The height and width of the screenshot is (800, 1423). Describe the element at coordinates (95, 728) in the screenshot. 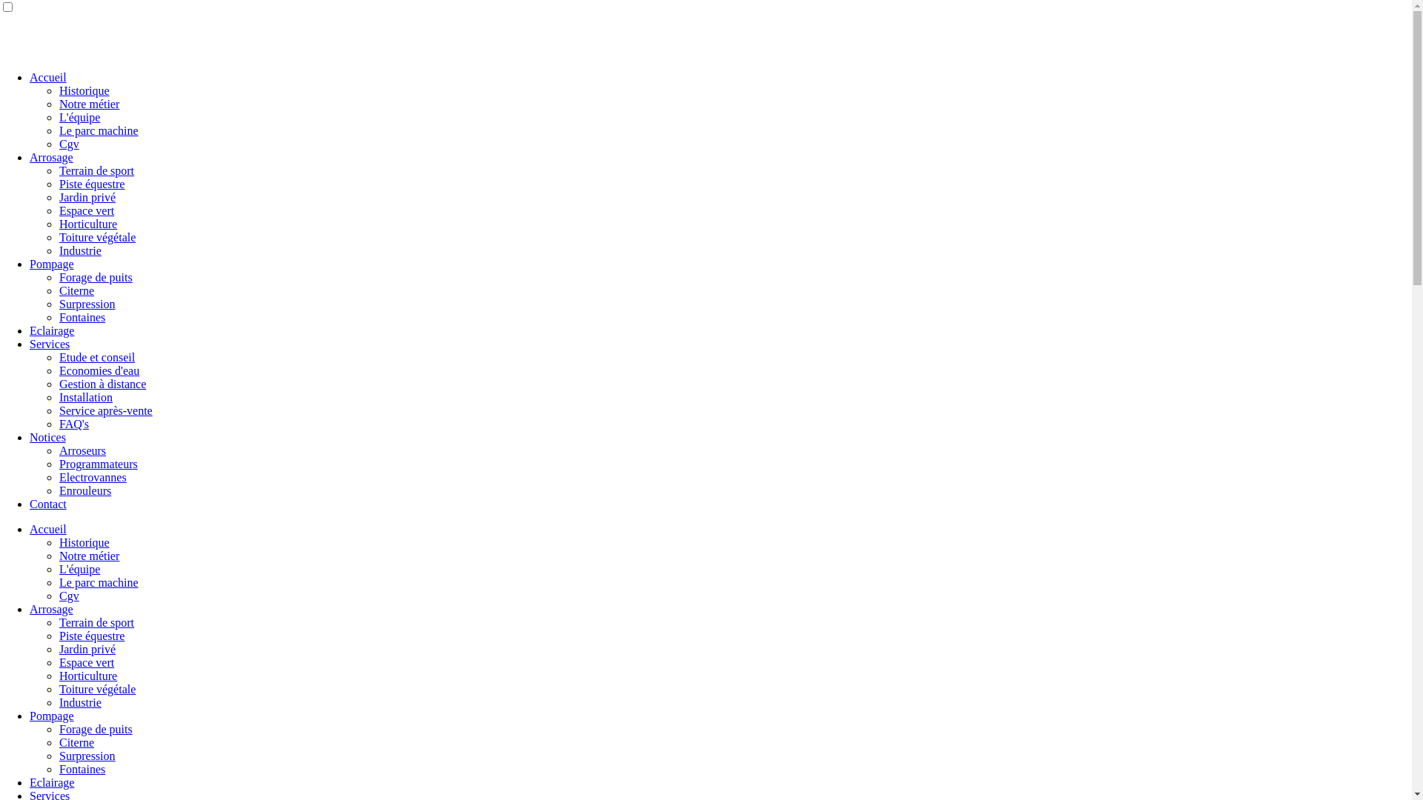

I see `'Forage de puits'` at that location.